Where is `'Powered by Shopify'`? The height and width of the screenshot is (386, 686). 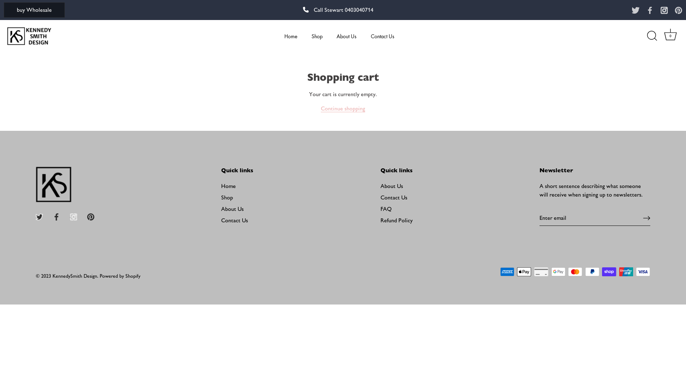 'Powered by Shopify' is located at coordinates (99, 276).